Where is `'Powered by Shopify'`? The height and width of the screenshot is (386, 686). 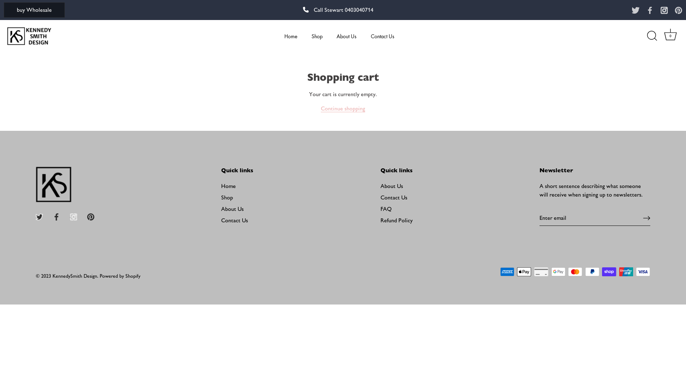 'Powered by Shopify' is located at coordinates (99, 276).